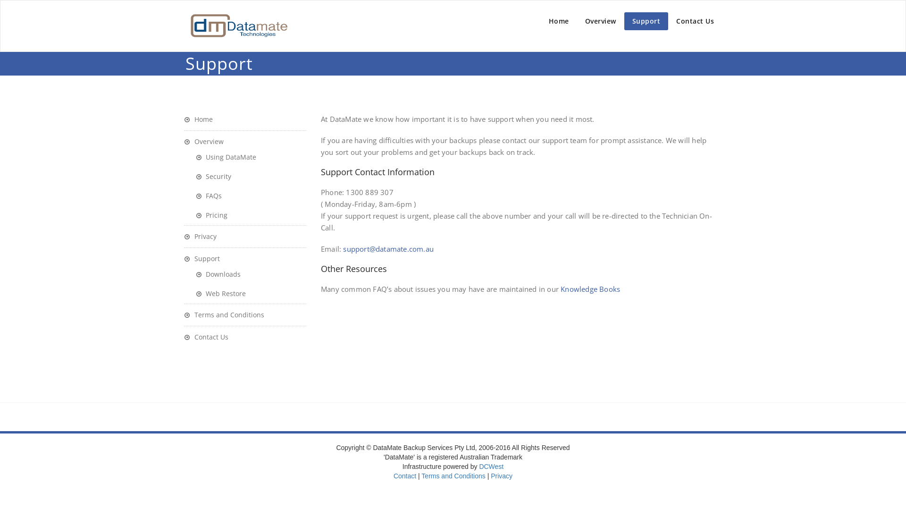 This screenshot has height=510, width=906. Describe the element at coordinates (342, 248) in the screenshot. I see `'support@datamate.com.au'` at that location.